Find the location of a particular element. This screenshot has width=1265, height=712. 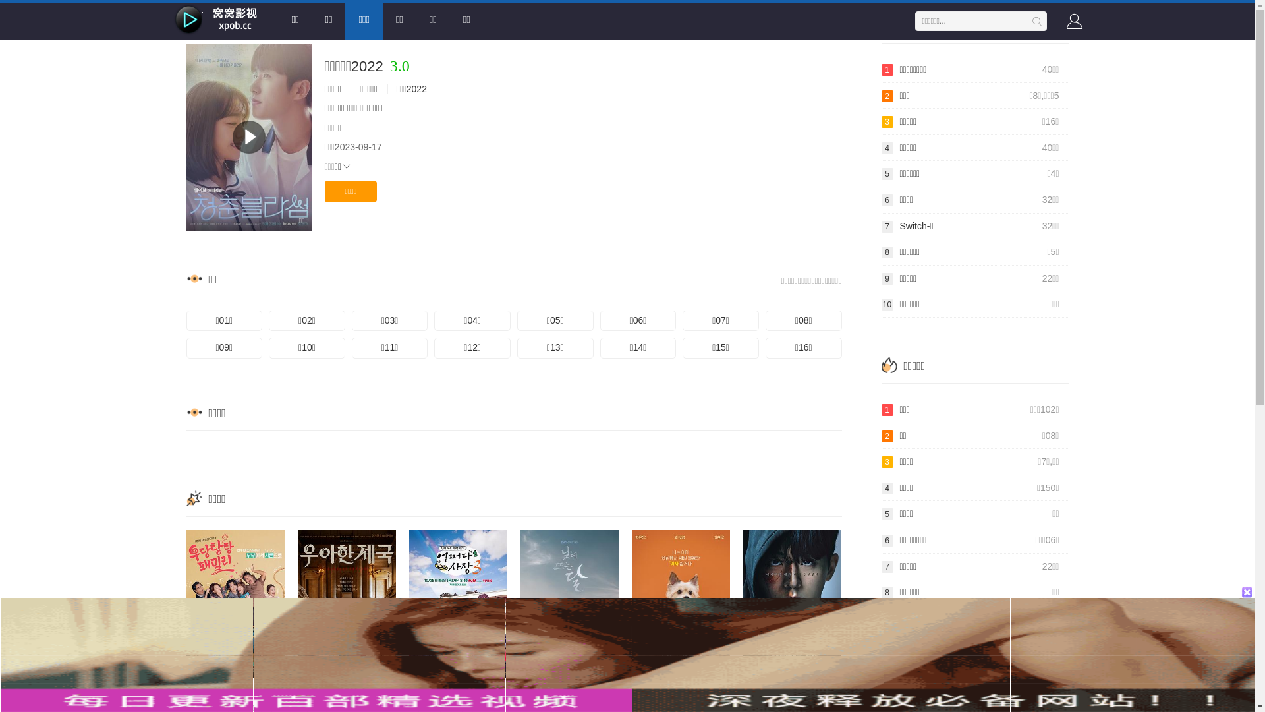

'2022' is located at coordinates (416, 89).